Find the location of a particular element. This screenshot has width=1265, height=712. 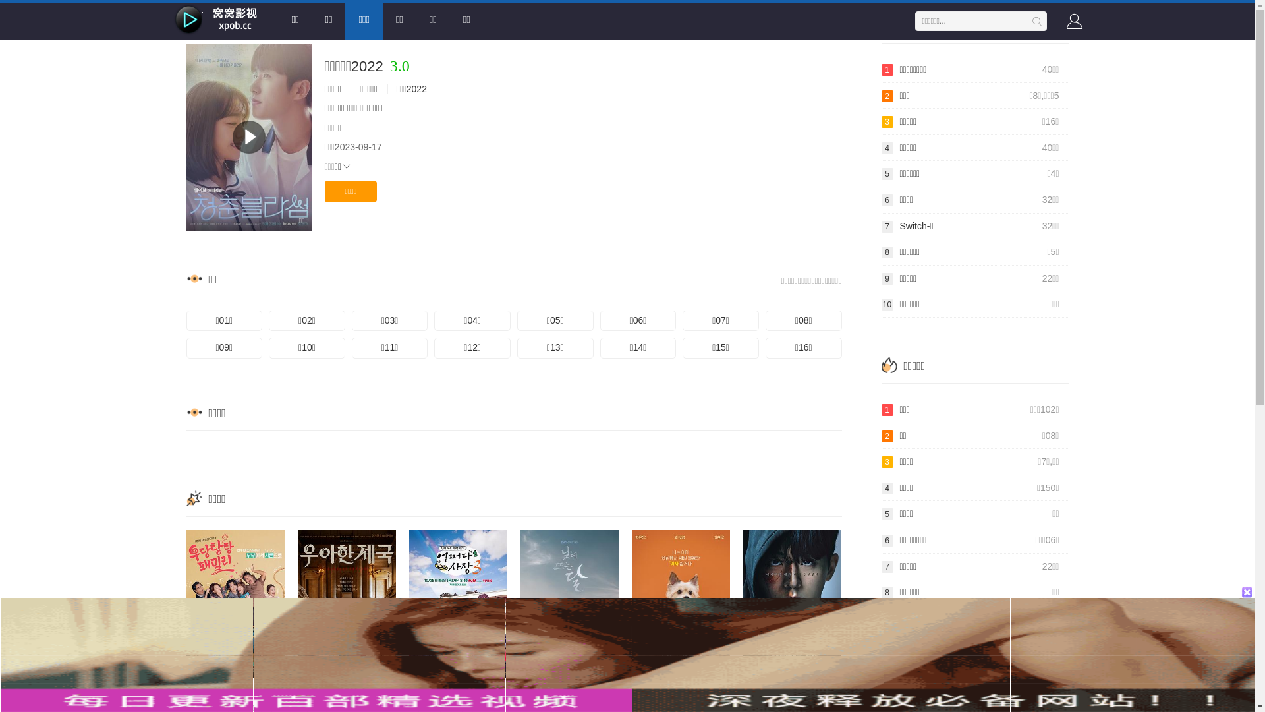

'2022' is located at coordinates (416, 89).